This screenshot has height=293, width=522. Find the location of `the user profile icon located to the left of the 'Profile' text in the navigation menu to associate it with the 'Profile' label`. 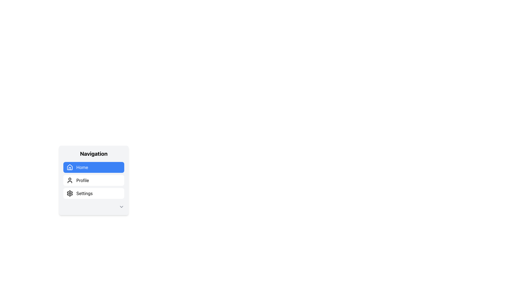

the user profile icon located to the left of the 'Profile' text in the navigation menu to associate it with the 'Profile' label is located at coordinates (70, 180).